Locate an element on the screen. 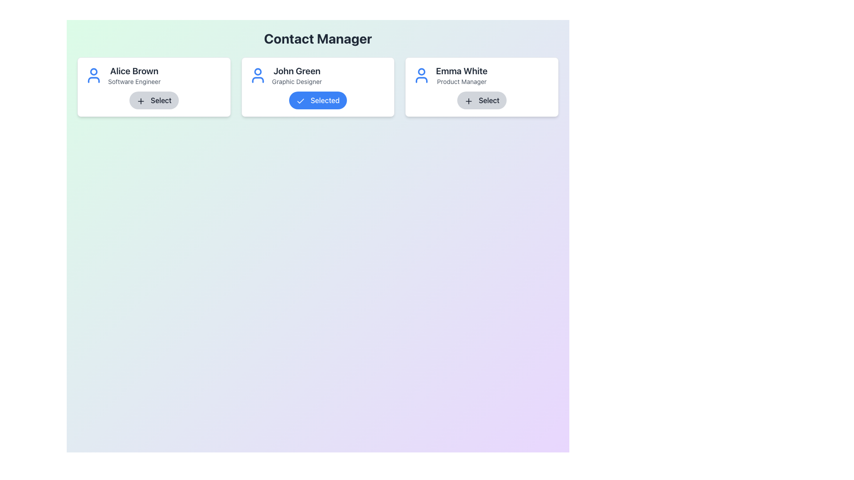 This screenshot has height=480, width=854. the Text Display that shows the user's name and role, located at the top of the leftmost card above the 'Select' button is located at coordinates (154, 75).